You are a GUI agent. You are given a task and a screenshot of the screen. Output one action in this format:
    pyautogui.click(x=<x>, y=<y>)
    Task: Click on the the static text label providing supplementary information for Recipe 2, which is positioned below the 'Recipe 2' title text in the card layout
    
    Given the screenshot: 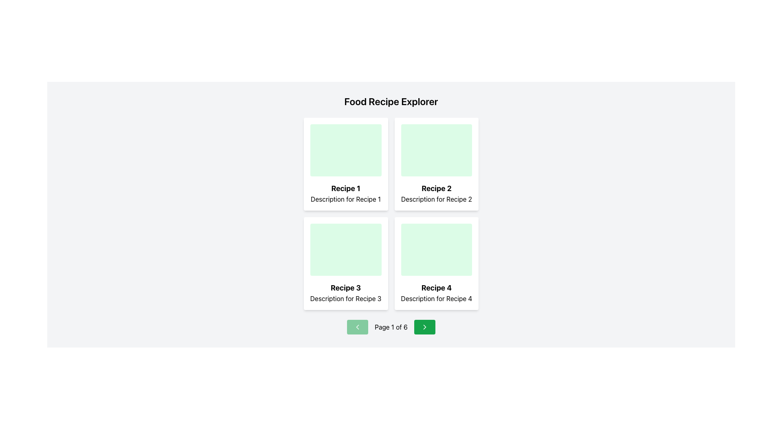 What is the action you would take?
    pyautogui.click(x=436, y=199)
    